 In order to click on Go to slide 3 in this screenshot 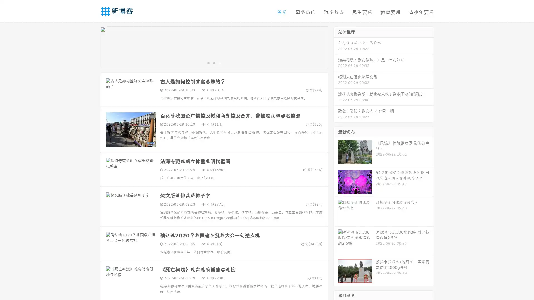, I will do `click(219, 62)`.